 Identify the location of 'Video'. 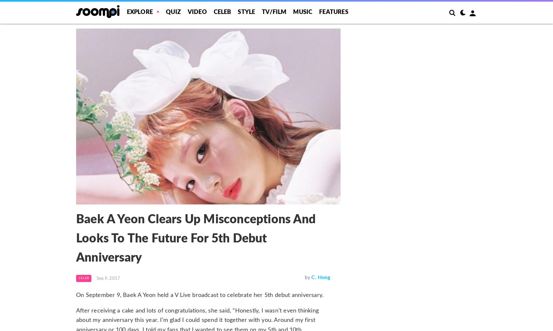
(196, 12).